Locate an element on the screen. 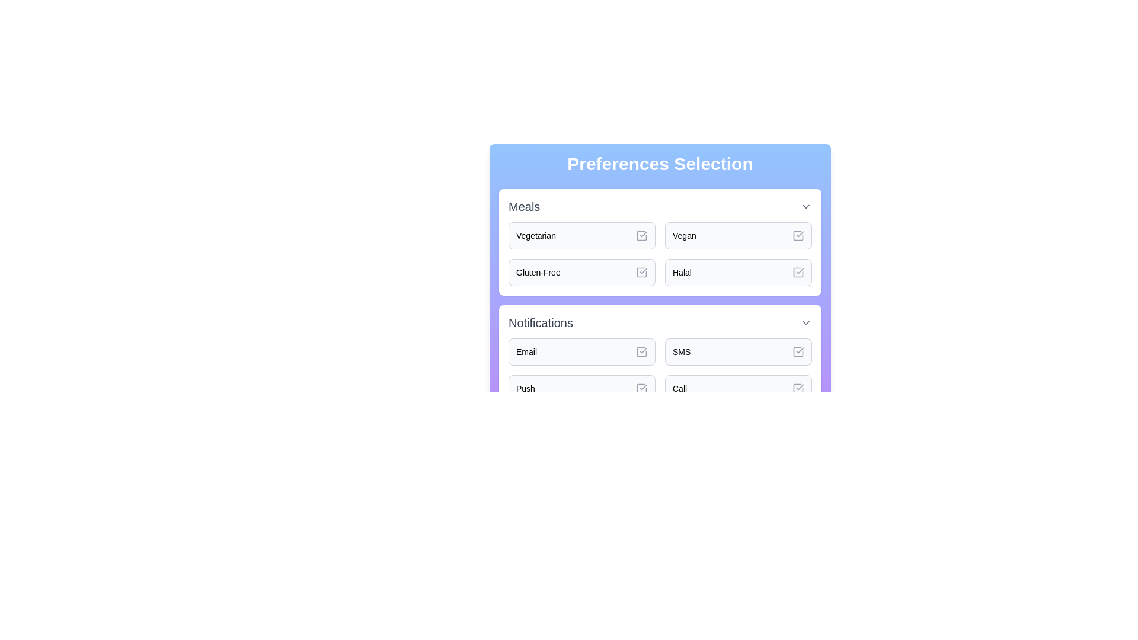 This screenshot has width=1138, height=640. the 'Vegan' selectable option button located in the upper row of the 'Meals' section is located at coordinates (738, 235).